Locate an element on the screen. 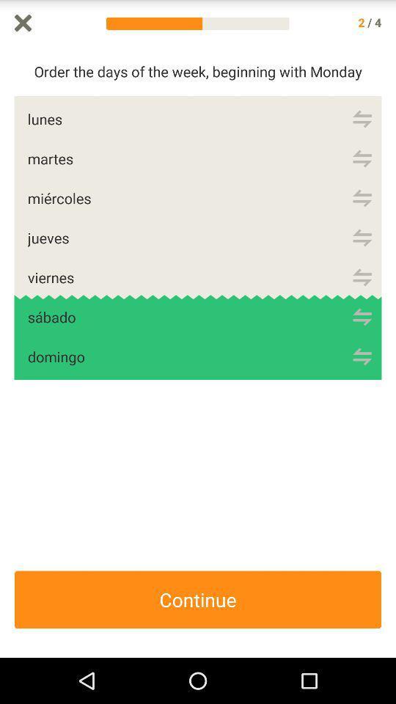 The image size is (396, 704). hold to change the position of items is located at coordinates (362, 238).